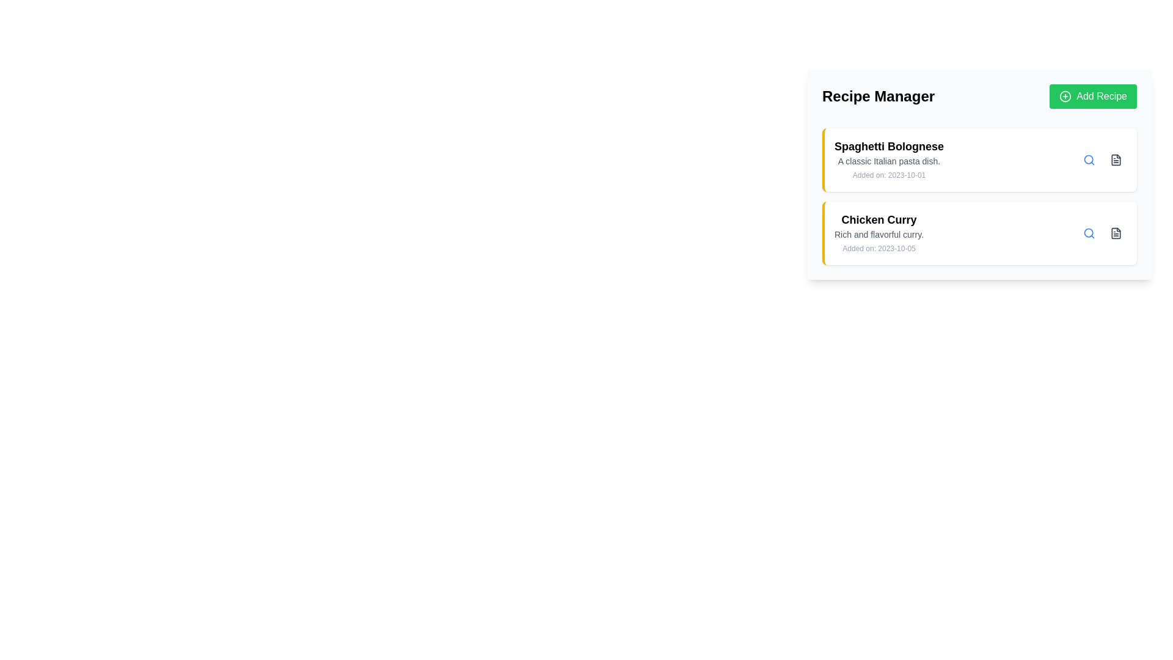 This screenshot has height=660, width=1173. What do you see at coordinates (878, 96) in the screenshot?
I see `the prominent header text label displaying 'Recipe Manager', which is located to the left of the green 'Add Recipe' button` at bounding box center [878, 96].